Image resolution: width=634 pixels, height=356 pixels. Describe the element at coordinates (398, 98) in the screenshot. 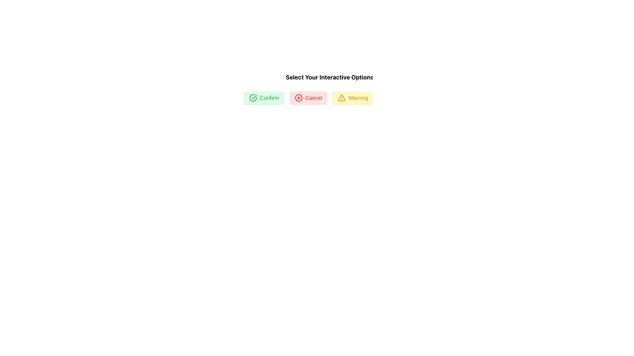

I see `keyboard navigation` at that location.